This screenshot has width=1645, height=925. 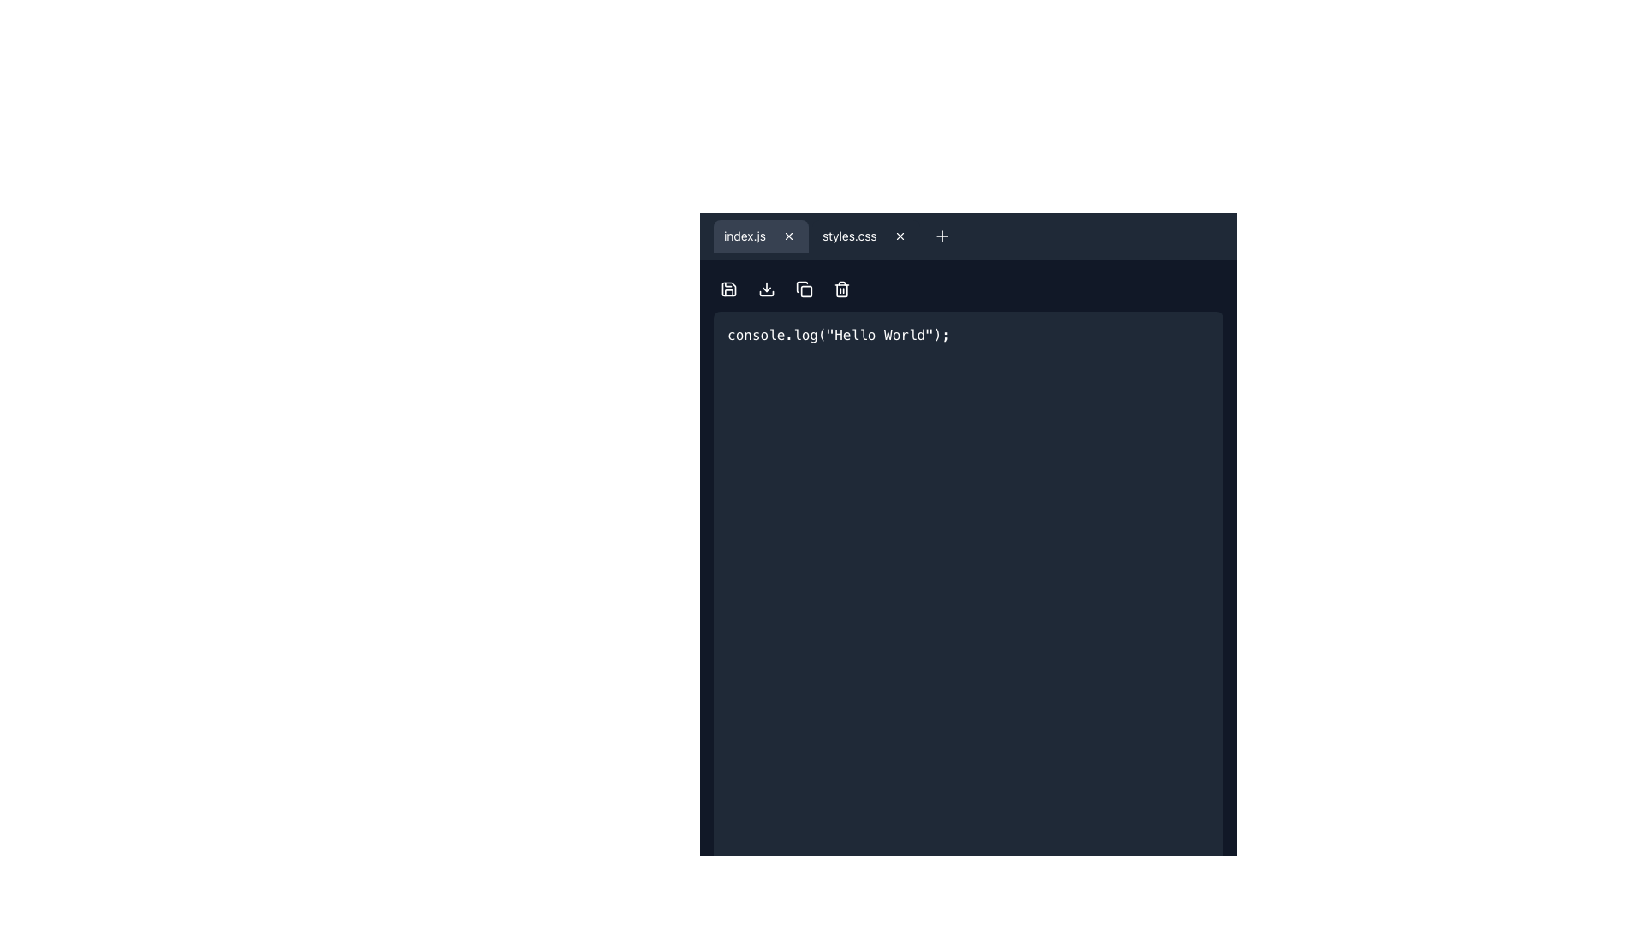 What do you see at coordinates (788, 236) in the screenshot?
I see `the close button with an SVG icon located to the right of the 'index.js' tab in the tab bar` at bounding box center [788, 236].